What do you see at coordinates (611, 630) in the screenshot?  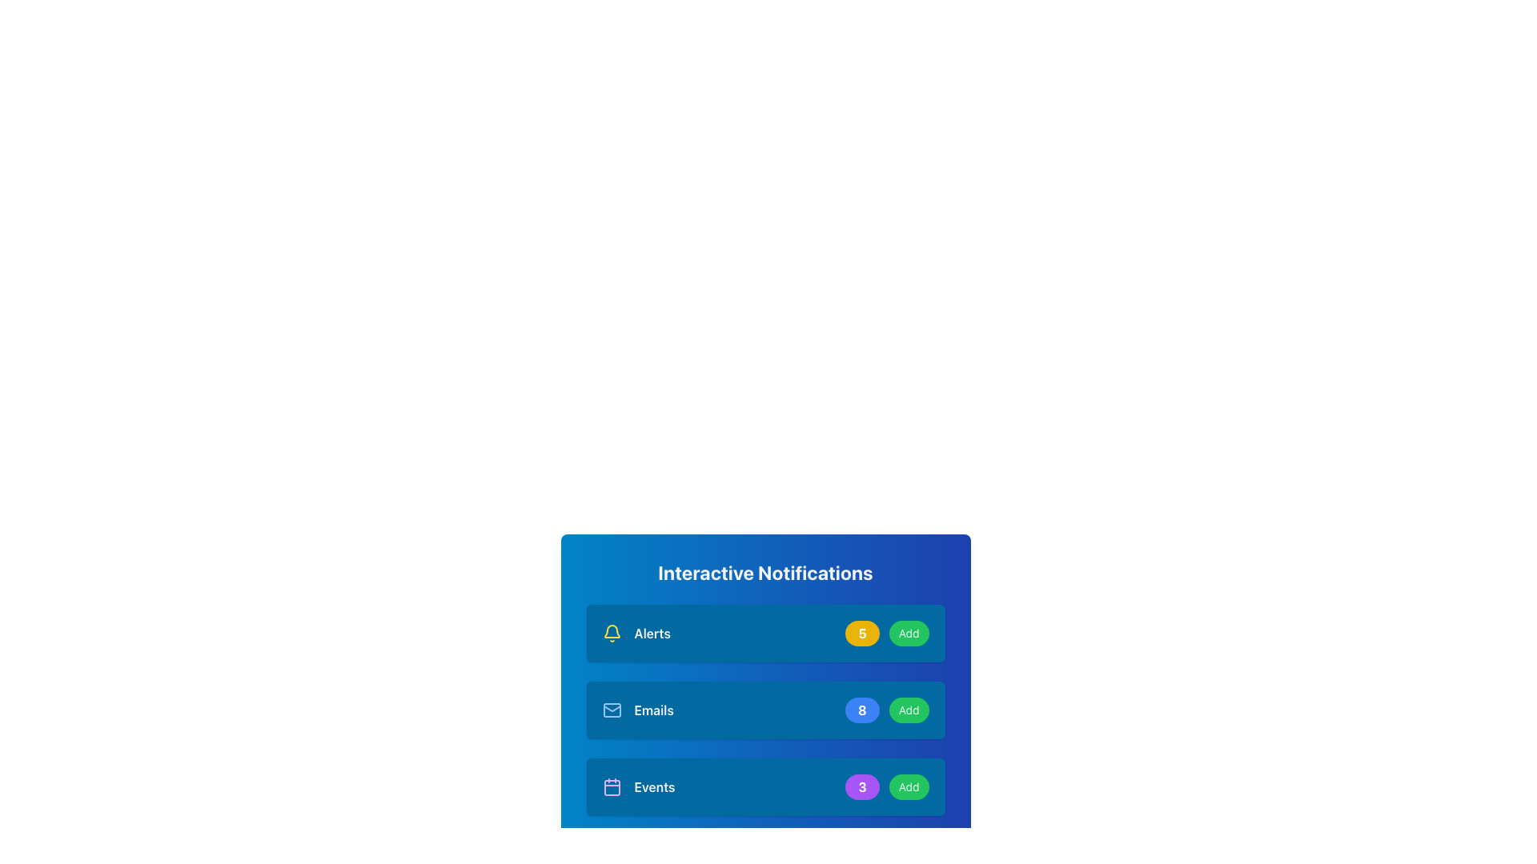 I see `the bell icon representing the Alerts section, which is styled with yellow outlines and located above the yellow badge and the Add button` at bounding box center [611, 630].